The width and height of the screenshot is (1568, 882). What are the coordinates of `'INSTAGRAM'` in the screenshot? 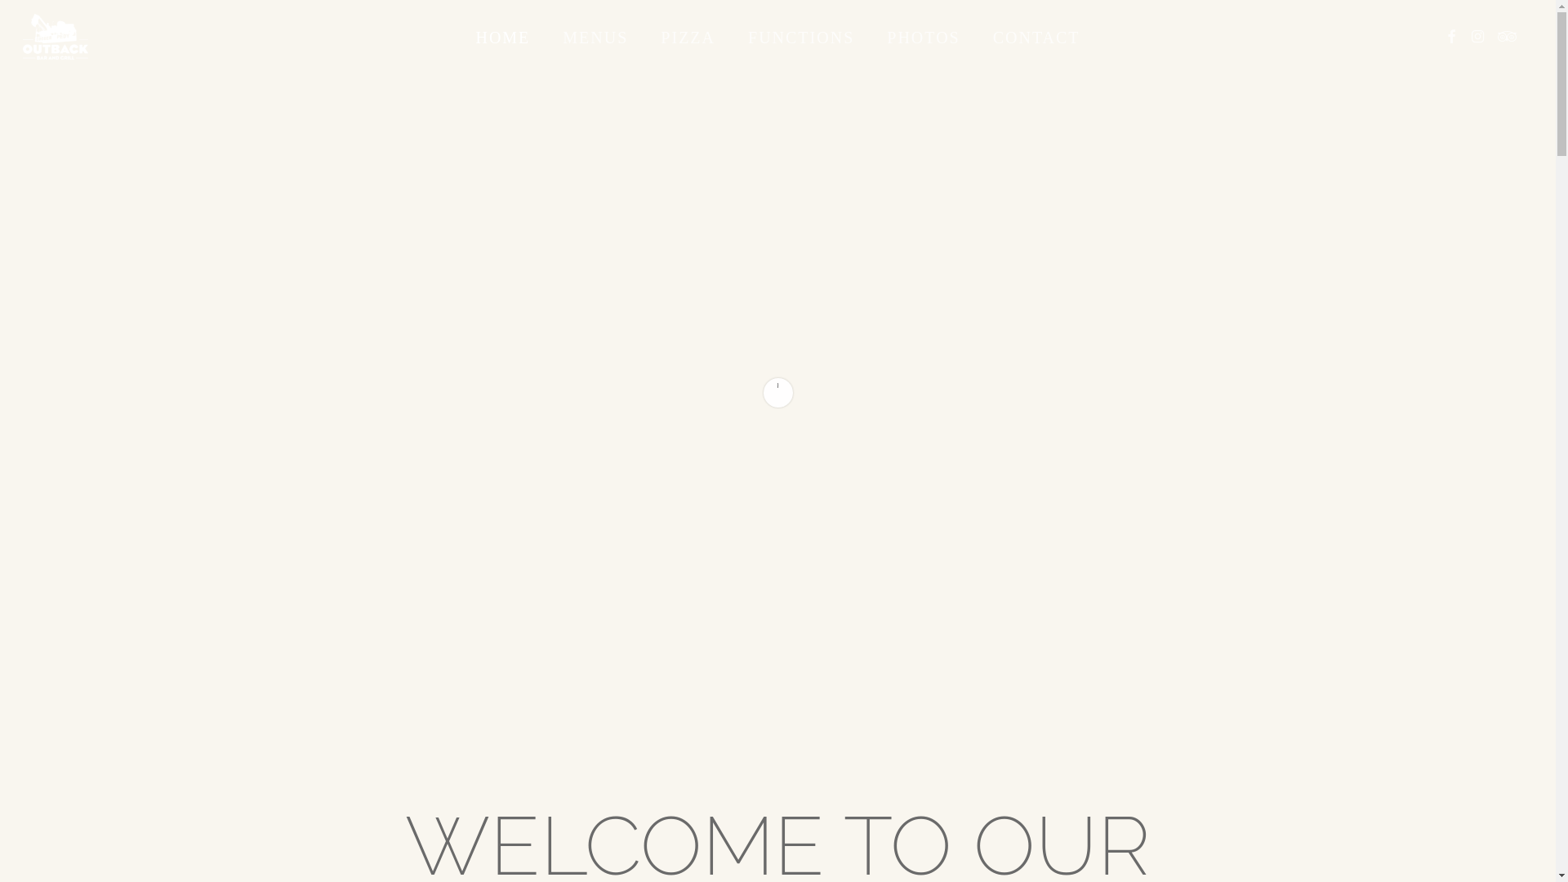 It's located at (1477, 37).